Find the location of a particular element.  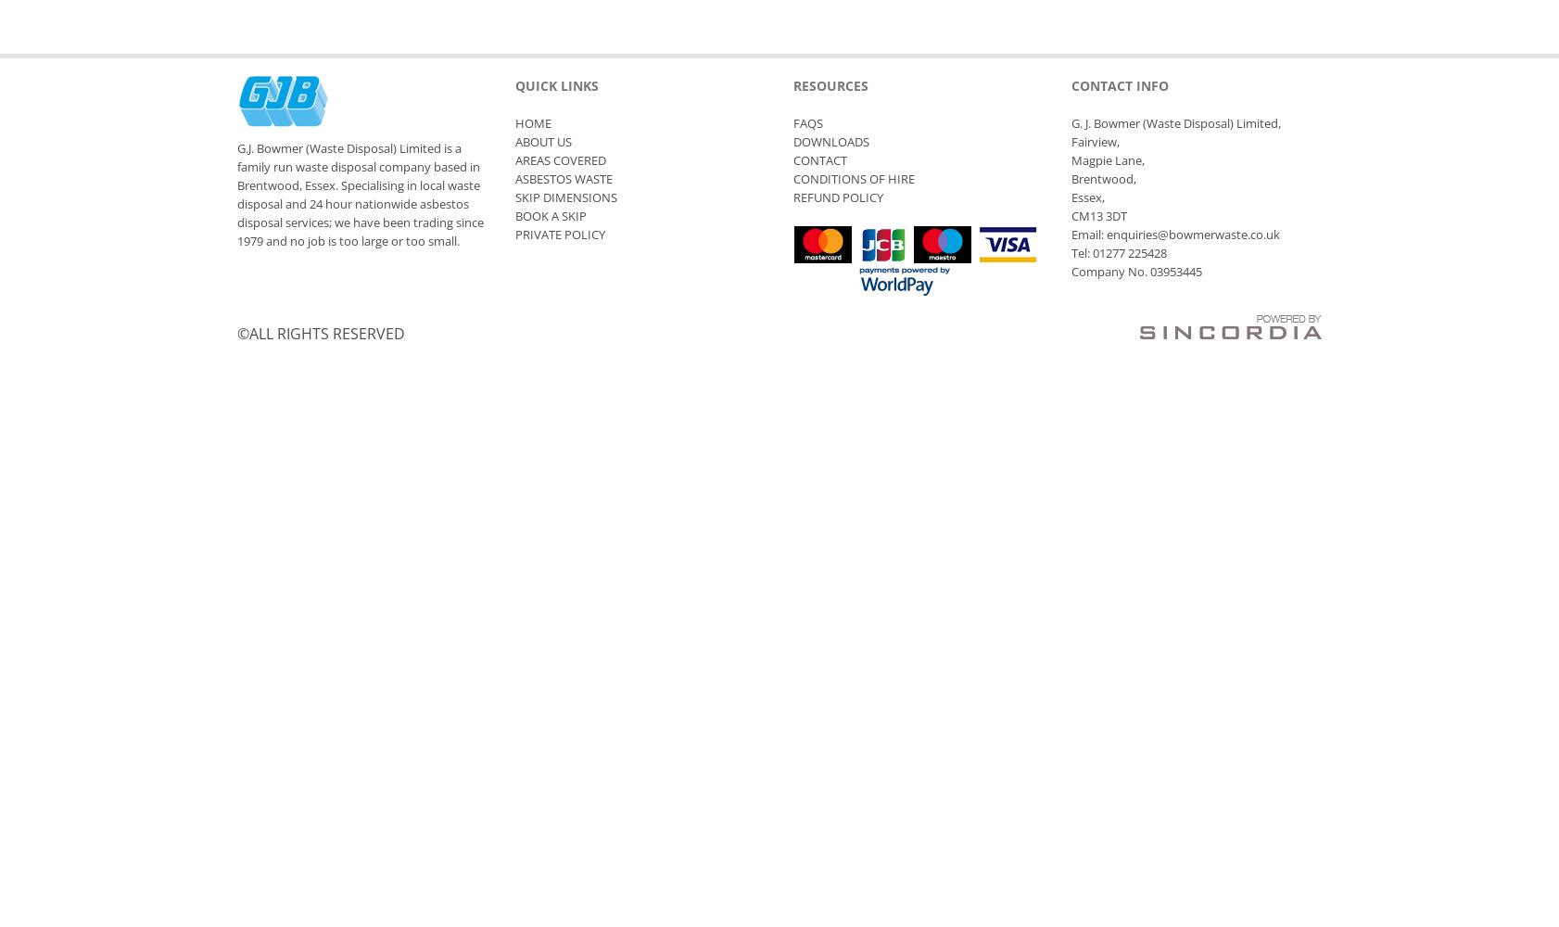

'Contact Info' is located at coordinates (1119, 84).